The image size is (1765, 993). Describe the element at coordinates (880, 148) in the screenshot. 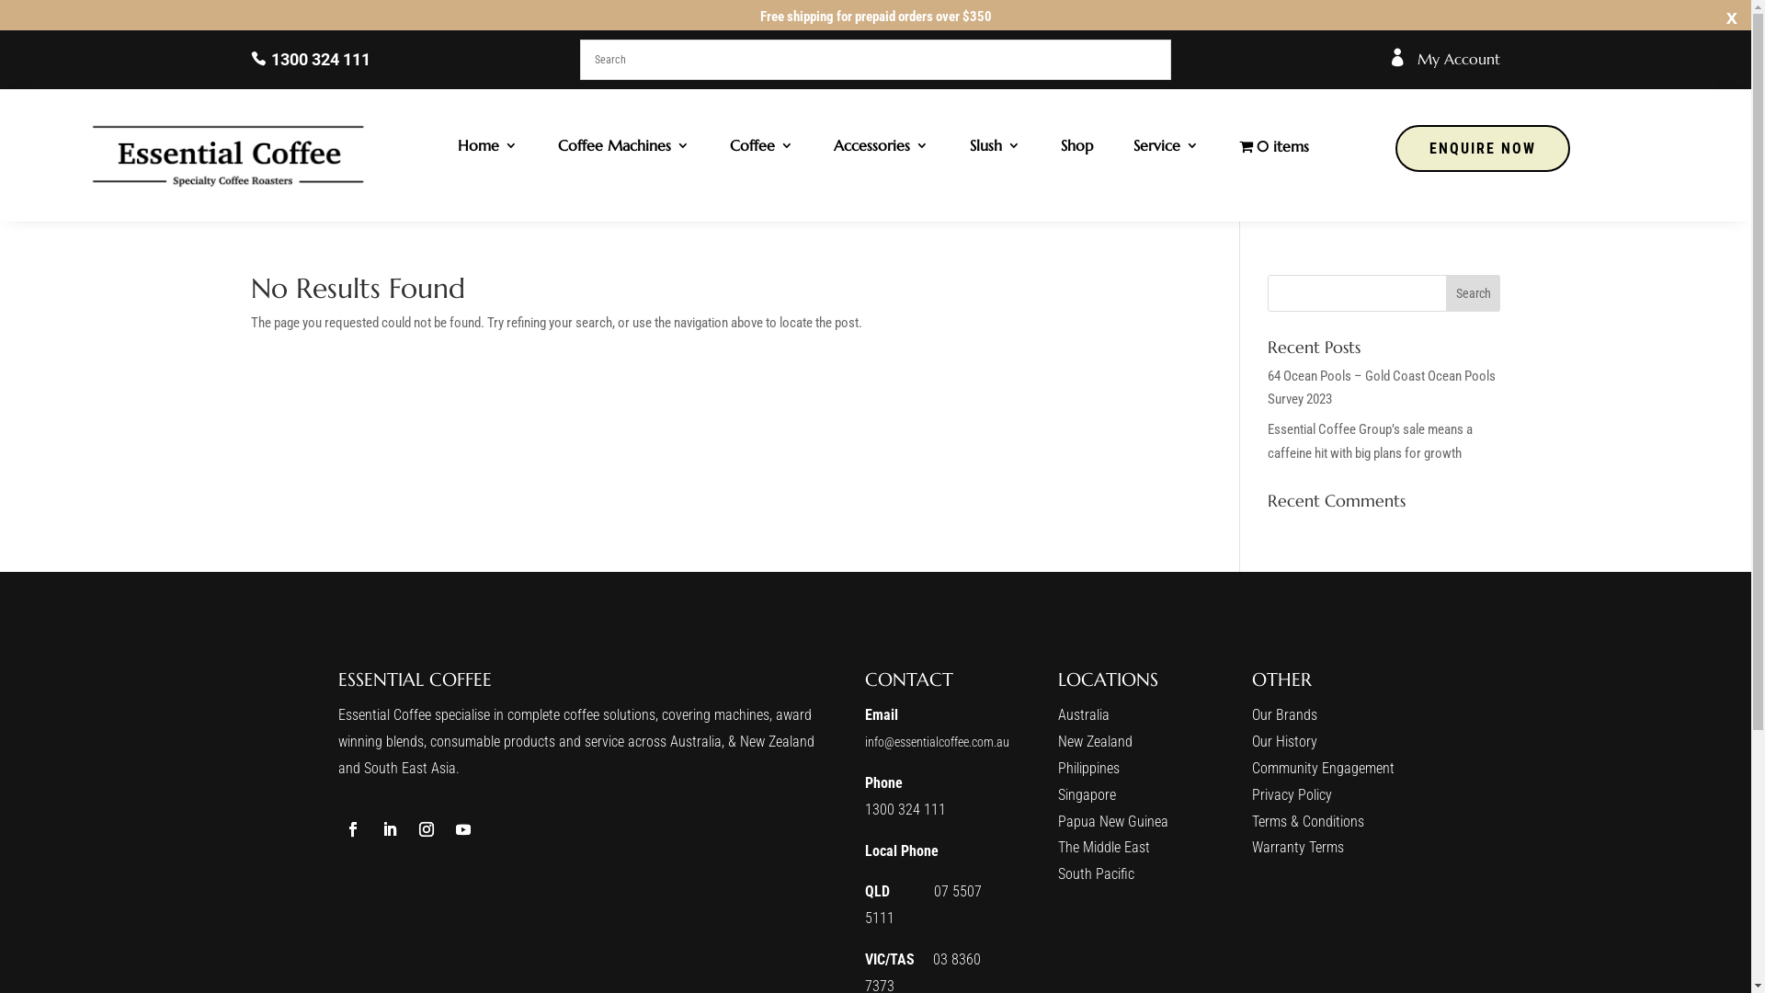

I see `'Accessories'` at that location.